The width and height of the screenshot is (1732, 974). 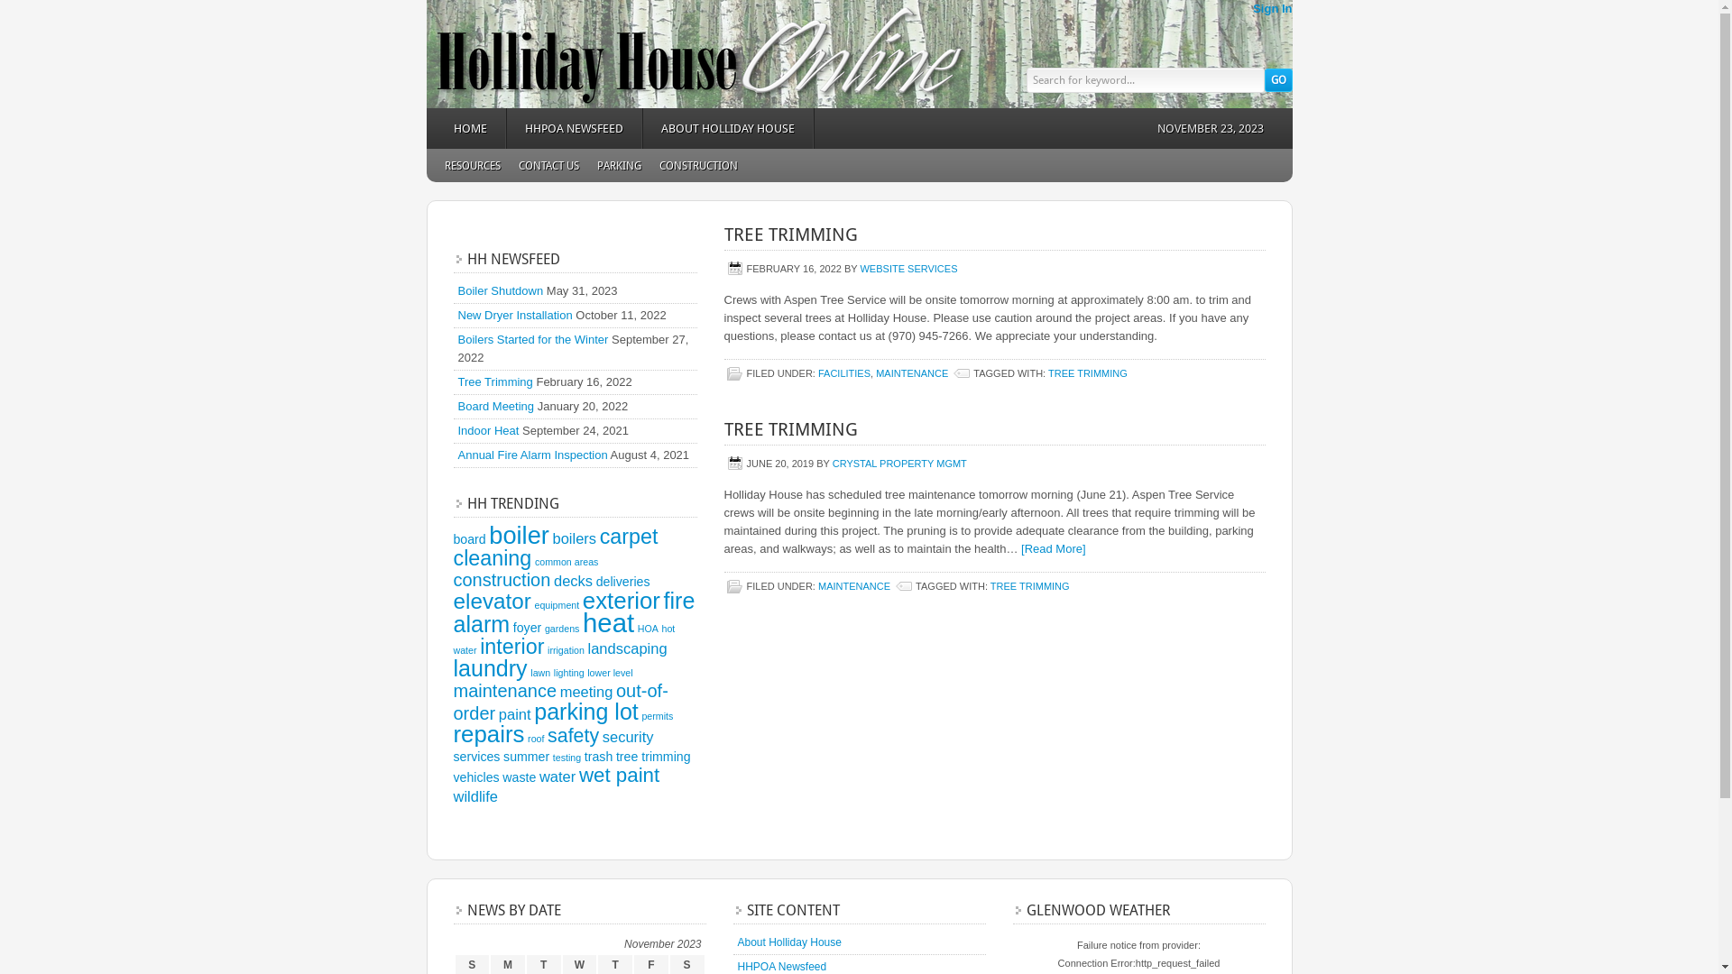 I want to click on 'deliveries', so click(x=623, y=581).